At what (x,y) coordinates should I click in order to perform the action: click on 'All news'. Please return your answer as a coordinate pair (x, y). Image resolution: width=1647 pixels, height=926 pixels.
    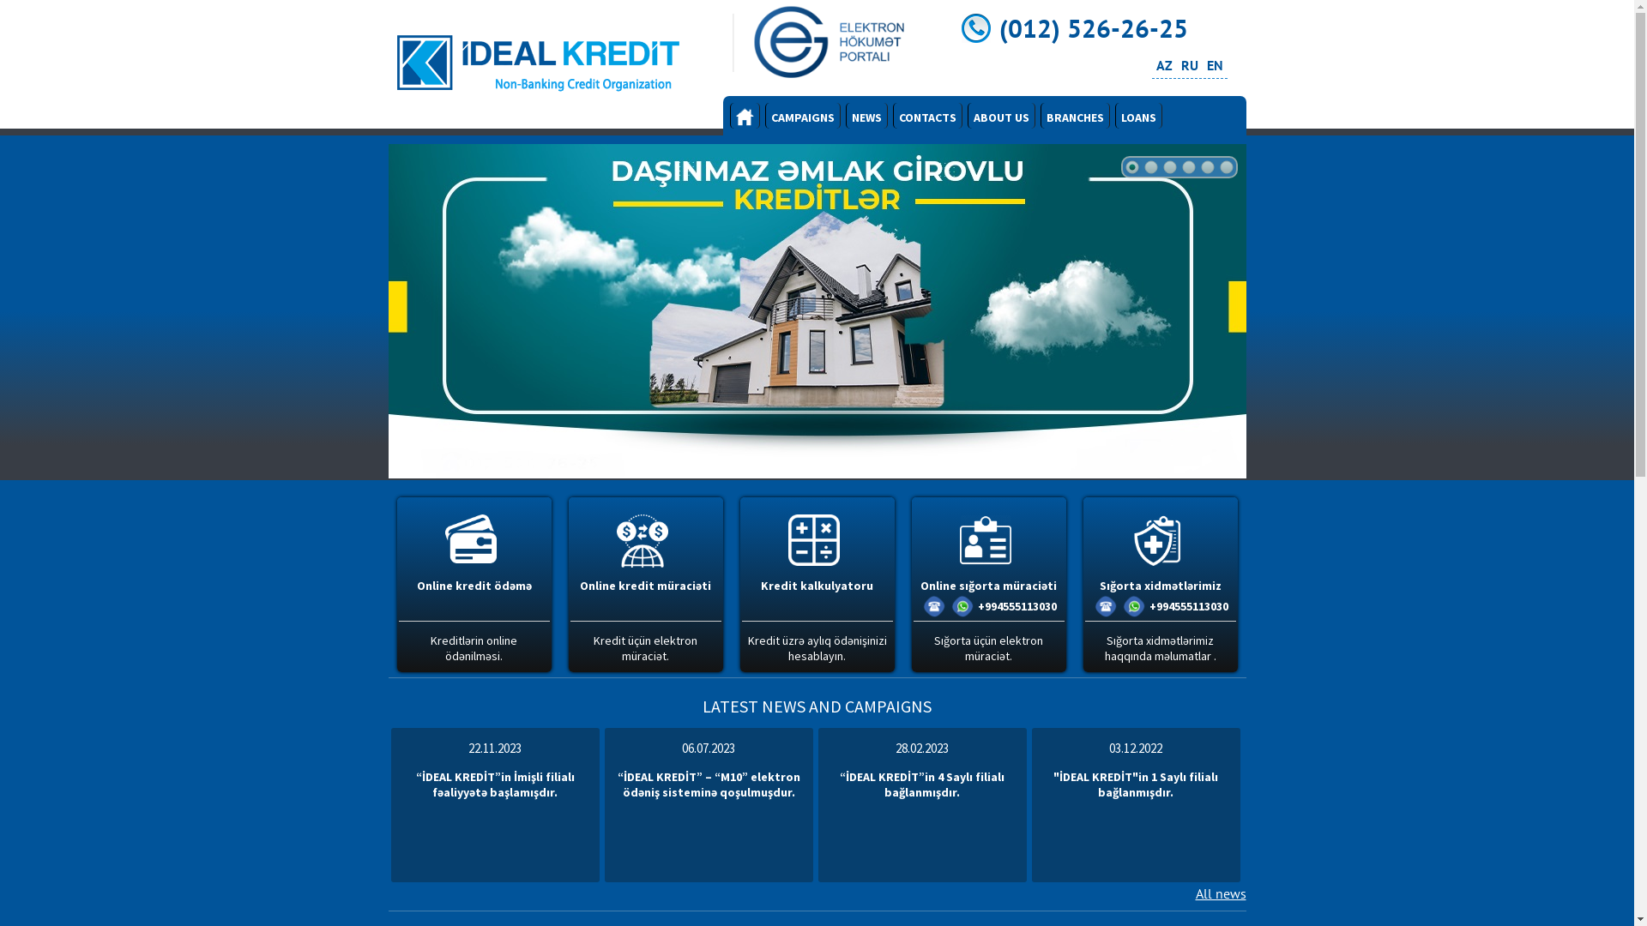
    Looking at the image, I should click on (1220, 892).